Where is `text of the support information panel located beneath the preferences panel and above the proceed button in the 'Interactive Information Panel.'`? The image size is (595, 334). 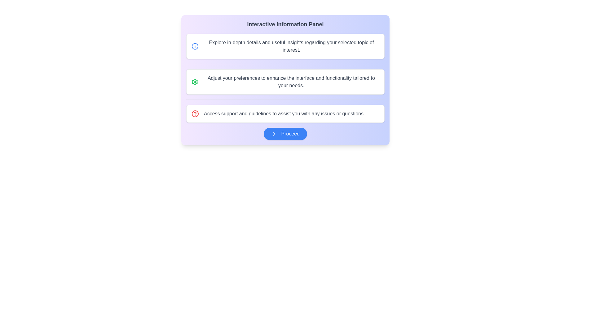 text of the support information panel located beneath the preferences panel and above the proceed button in the 'Interactive Information Panel.' is located at coordinates (285, 113).